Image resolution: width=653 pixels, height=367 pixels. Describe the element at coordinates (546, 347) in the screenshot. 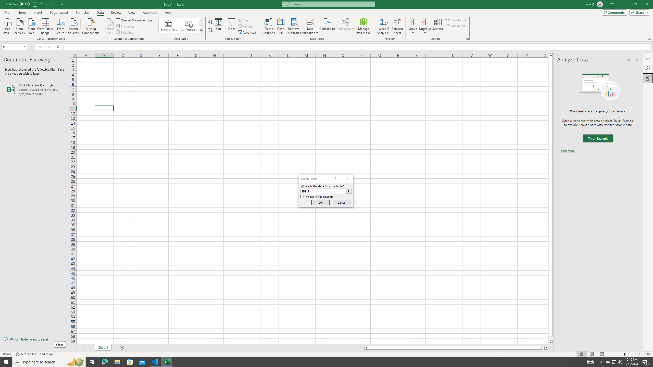

I see `'Column right'` at that location.